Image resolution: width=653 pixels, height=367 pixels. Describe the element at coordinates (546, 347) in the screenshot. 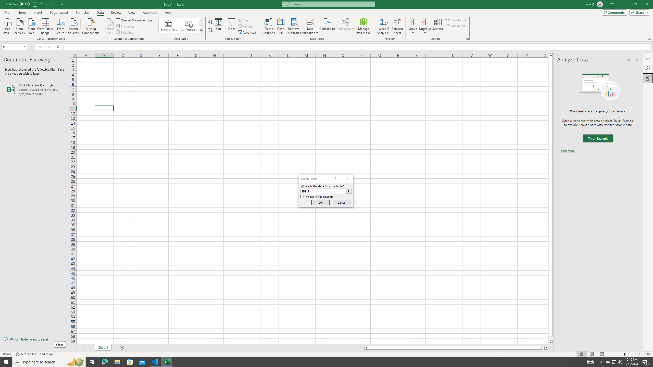

I see `'Column right'` at that location.